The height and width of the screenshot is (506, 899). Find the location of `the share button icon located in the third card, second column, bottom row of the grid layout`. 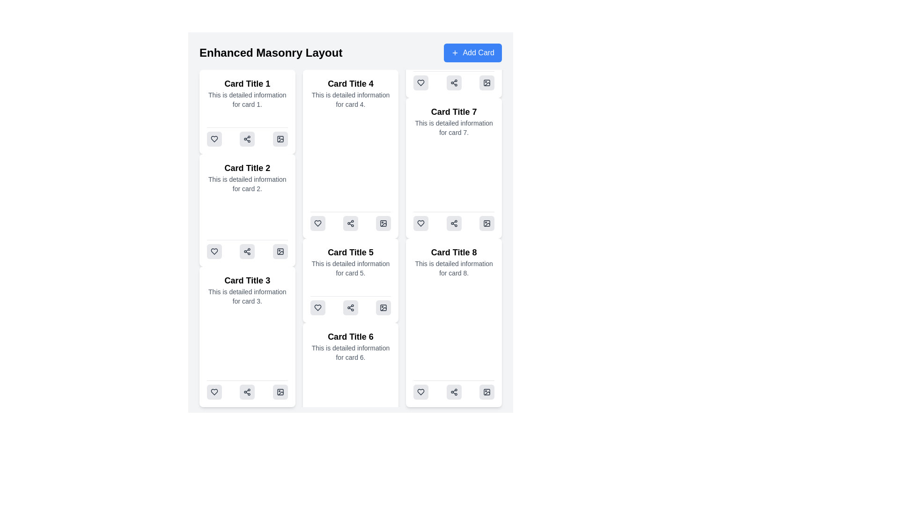

the share button icon located in the third card, second column, bottom row of the grid layout is located at coordinates (247, 251).